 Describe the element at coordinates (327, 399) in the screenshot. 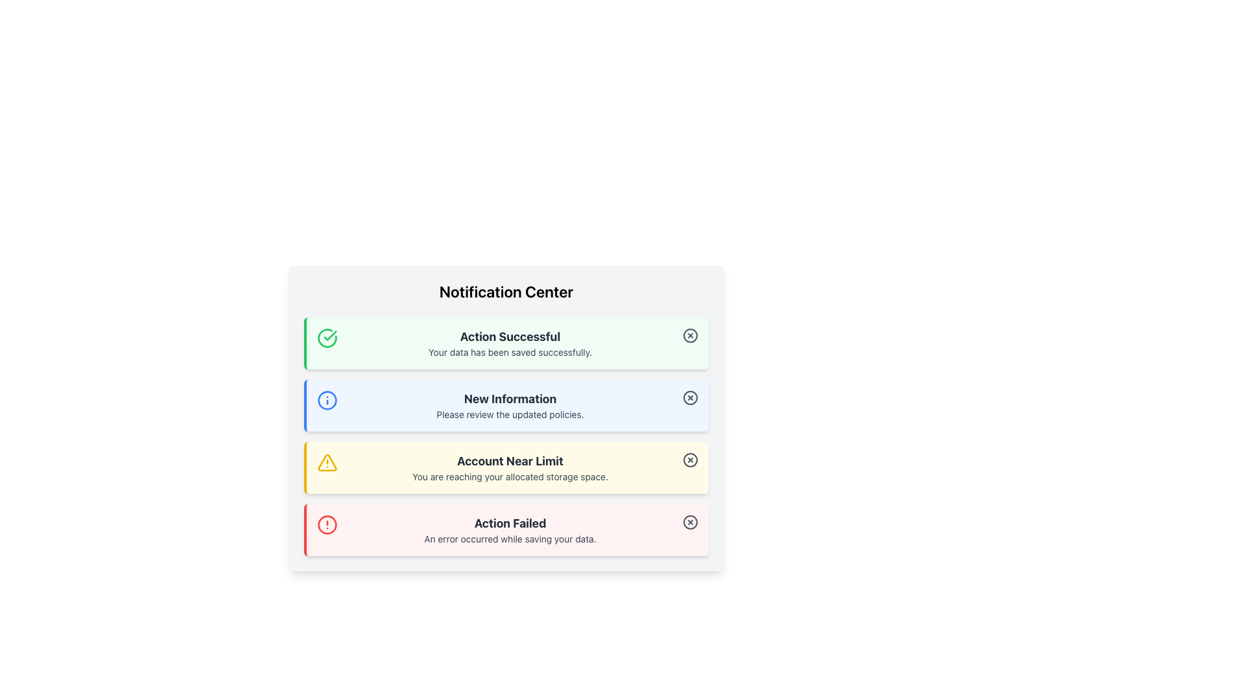

I see `the informational indicator icon located in the notification center, which is the first element in the horizontal arrangement before the 'New Information' text in the second notification from the top` at that location.